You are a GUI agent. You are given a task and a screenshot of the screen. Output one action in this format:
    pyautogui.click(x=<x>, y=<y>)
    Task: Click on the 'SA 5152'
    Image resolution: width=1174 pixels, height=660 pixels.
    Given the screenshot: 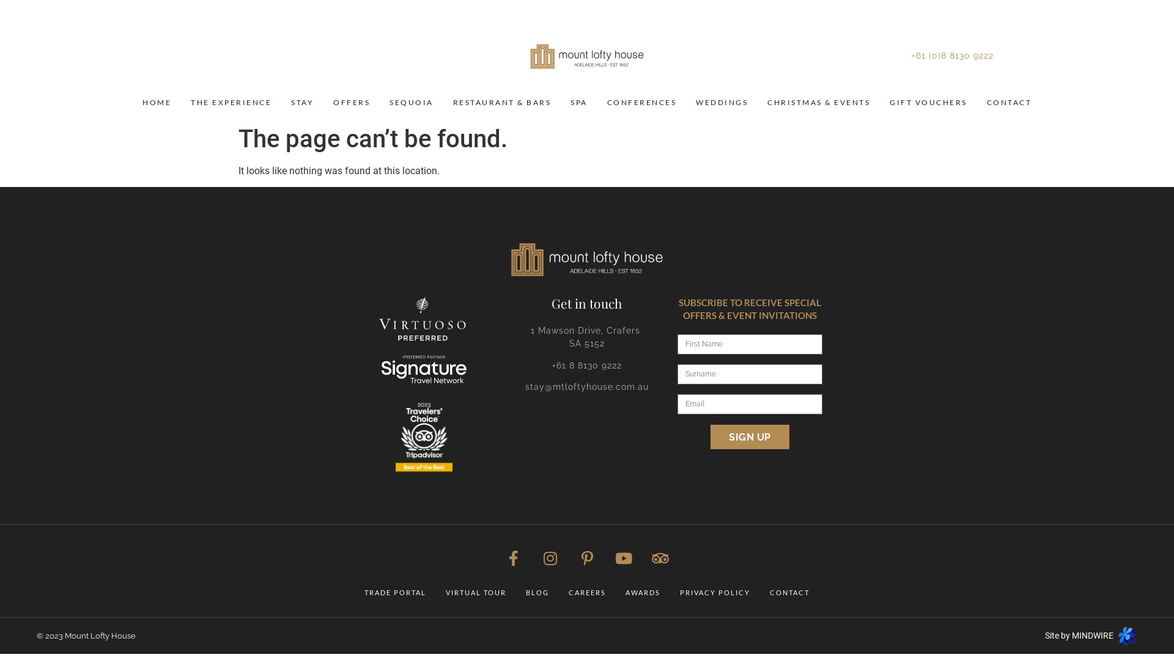 What is the action you would take?
    pyautogui.click(x=587, y=343)
    